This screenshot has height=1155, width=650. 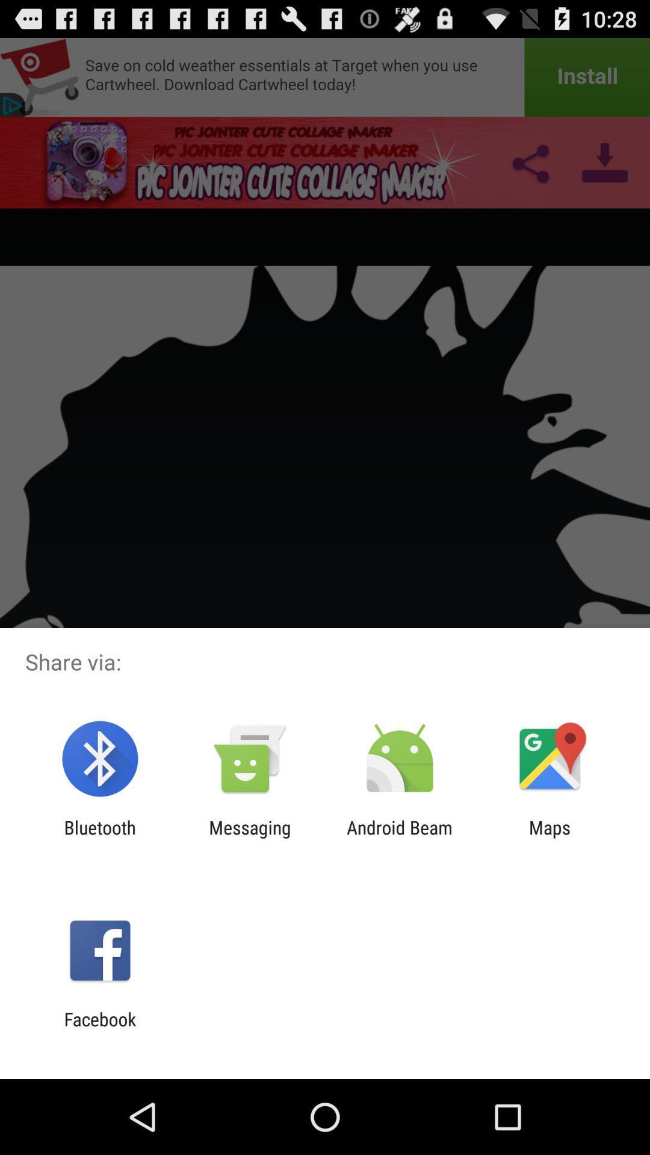 What do you see at coordinates (549, 837) in the screenshot?
I see `maps icon` at bounding box center [549, 837].